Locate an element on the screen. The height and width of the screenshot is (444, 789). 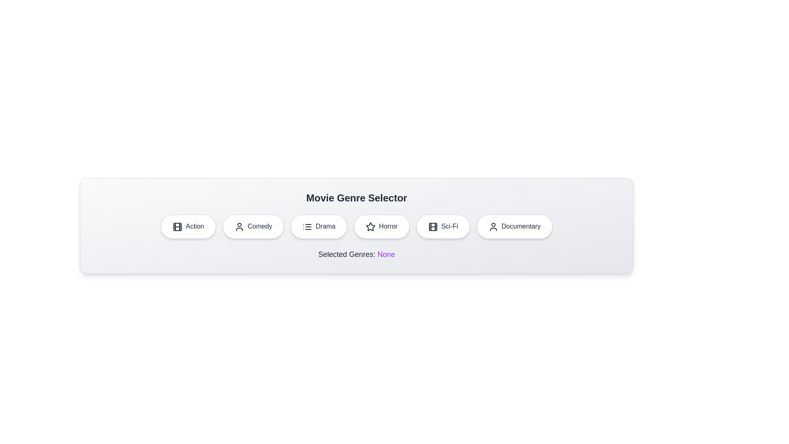
the label indicating the currently selected genre, which displays the text 'None' is located at coordinates (386, 254).